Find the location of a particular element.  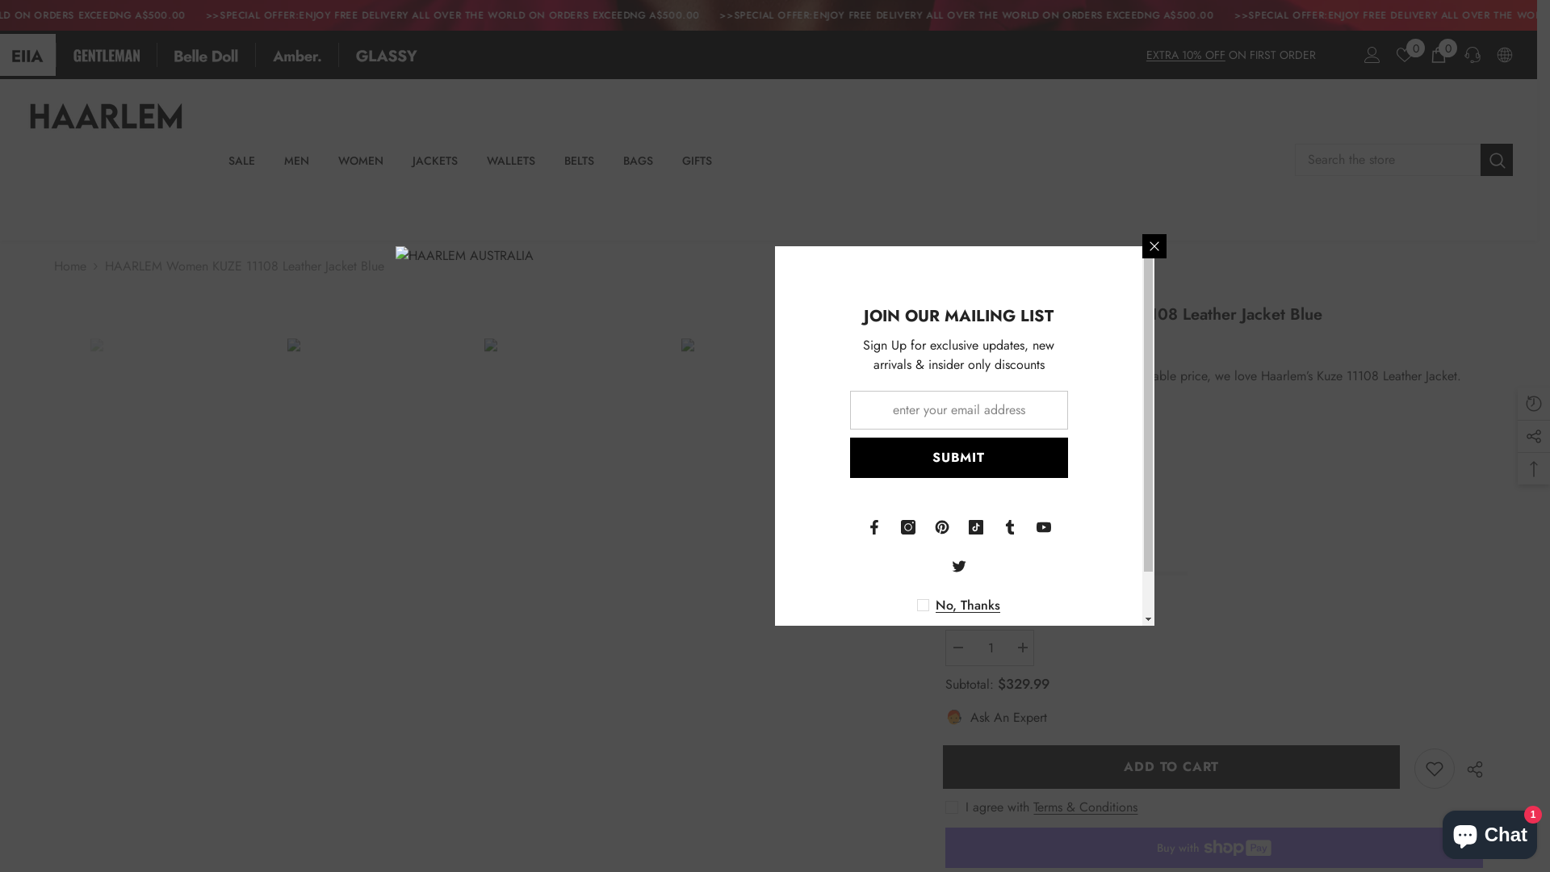

'TikTok' is located at coordinates (975, 526).